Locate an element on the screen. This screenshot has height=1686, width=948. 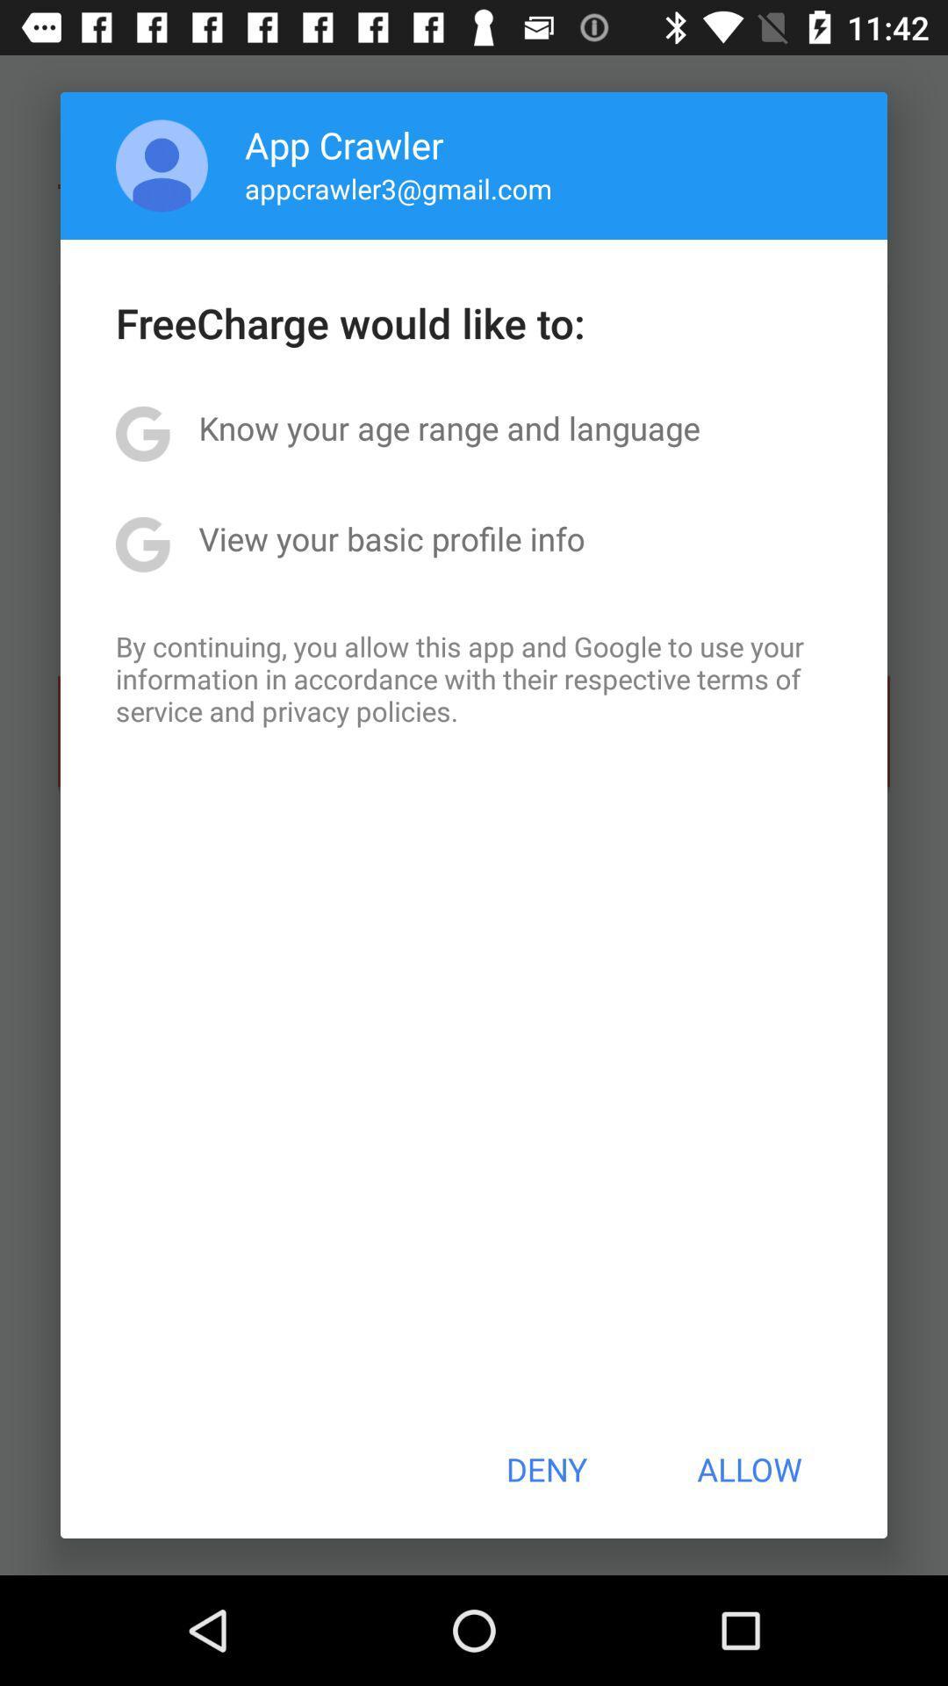
view your basic is located at coordinates (391, 537).